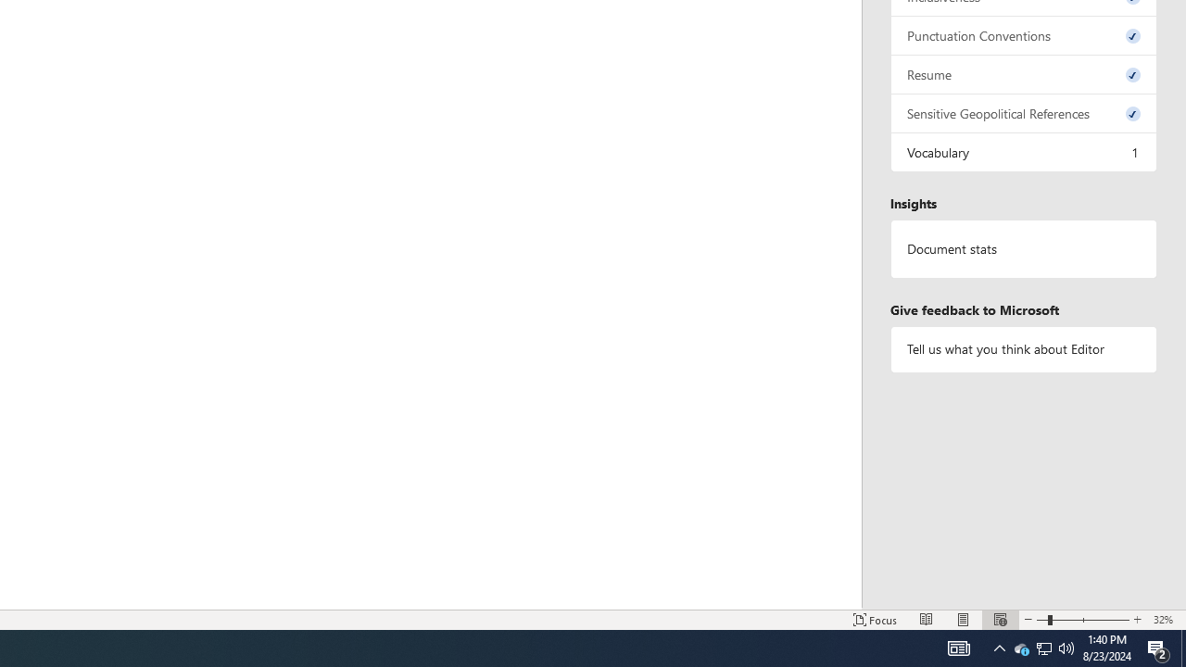  Describe the element at coordinates (1023, 151) in the screenshot. I see `'Vocabulary, 1 issue. Press space or enter to review items.'` at that location.